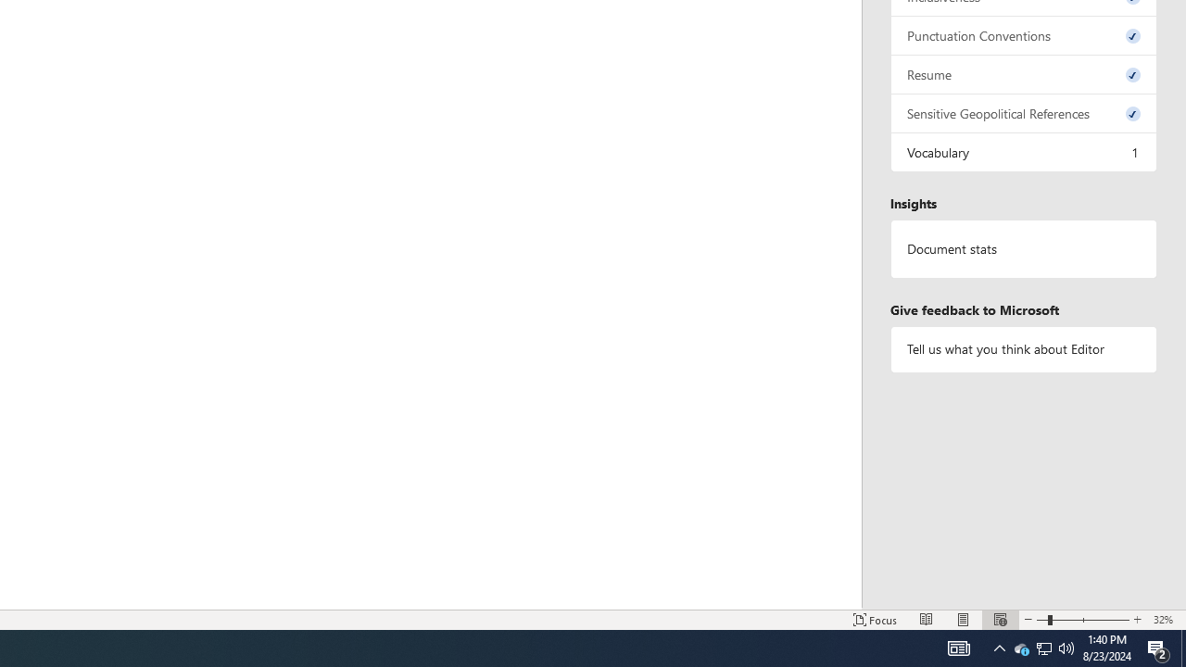  Describe the element at coordinates (1023, 151) in the screenshot. I see `'Vocabulary, 1 issue. Press space or enter to review items.'` at that location.